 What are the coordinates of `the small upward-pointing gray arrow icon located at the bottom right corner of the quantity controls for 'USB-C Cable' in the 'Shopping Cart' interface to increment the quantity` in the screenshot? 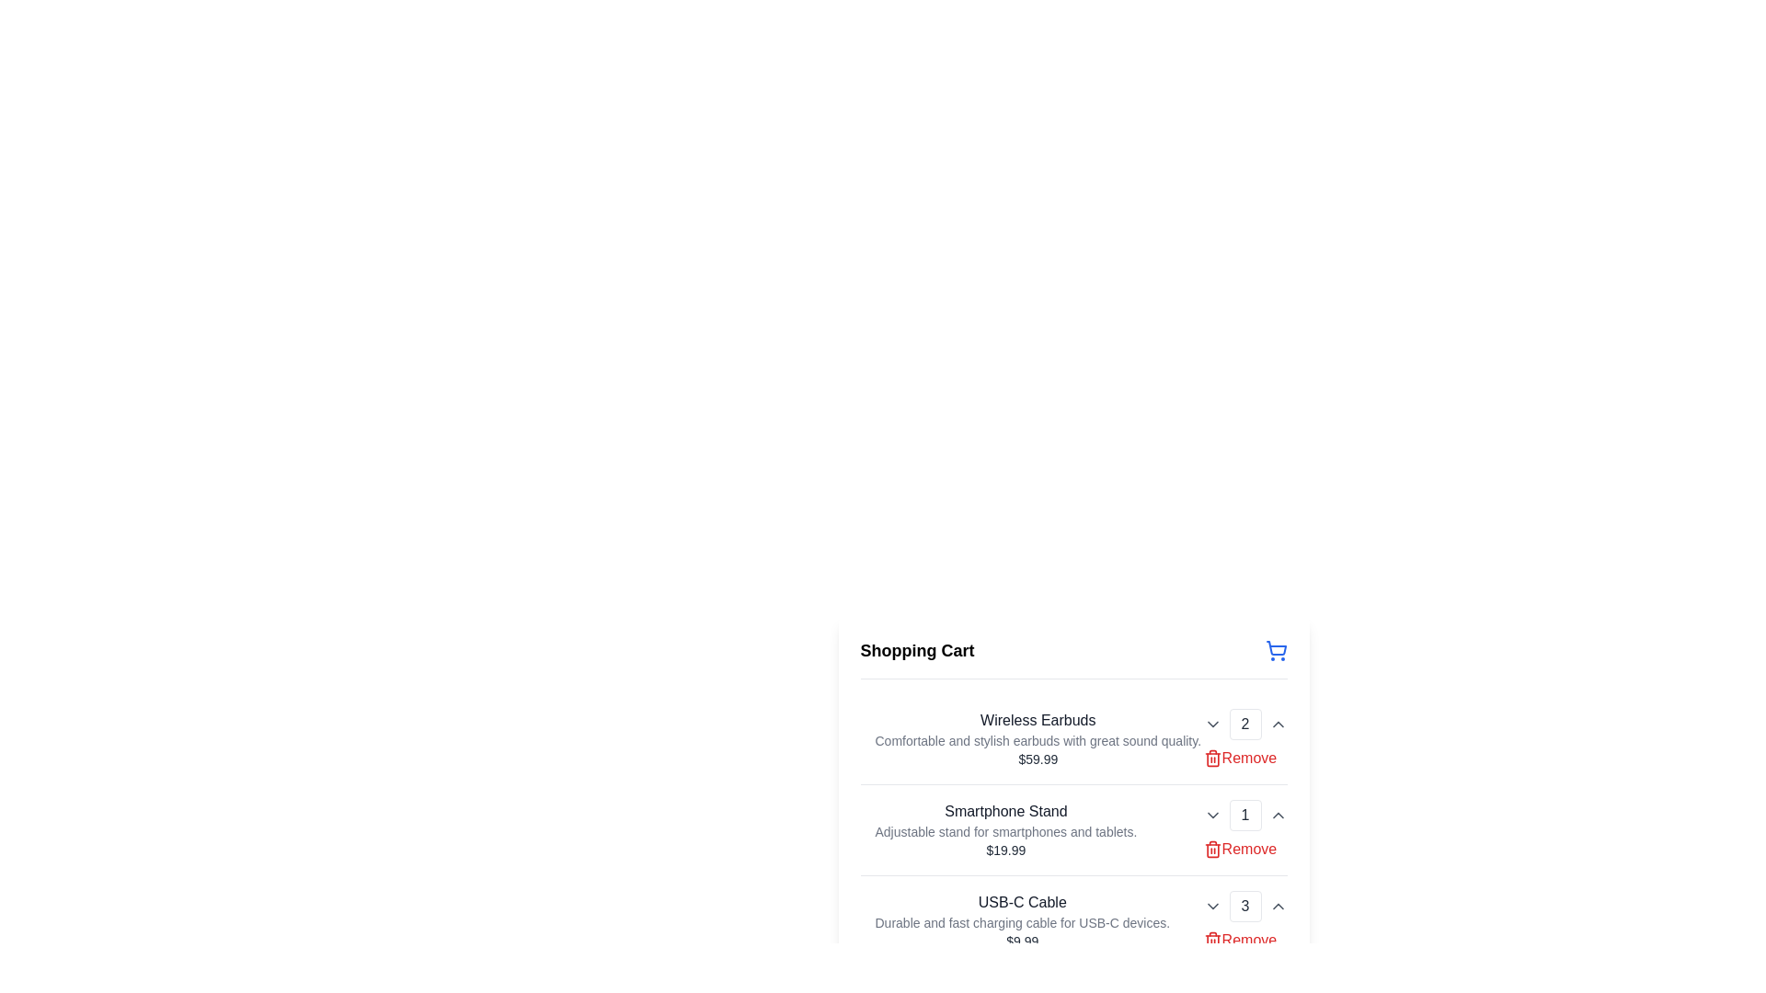 It's located at (1277, 906).